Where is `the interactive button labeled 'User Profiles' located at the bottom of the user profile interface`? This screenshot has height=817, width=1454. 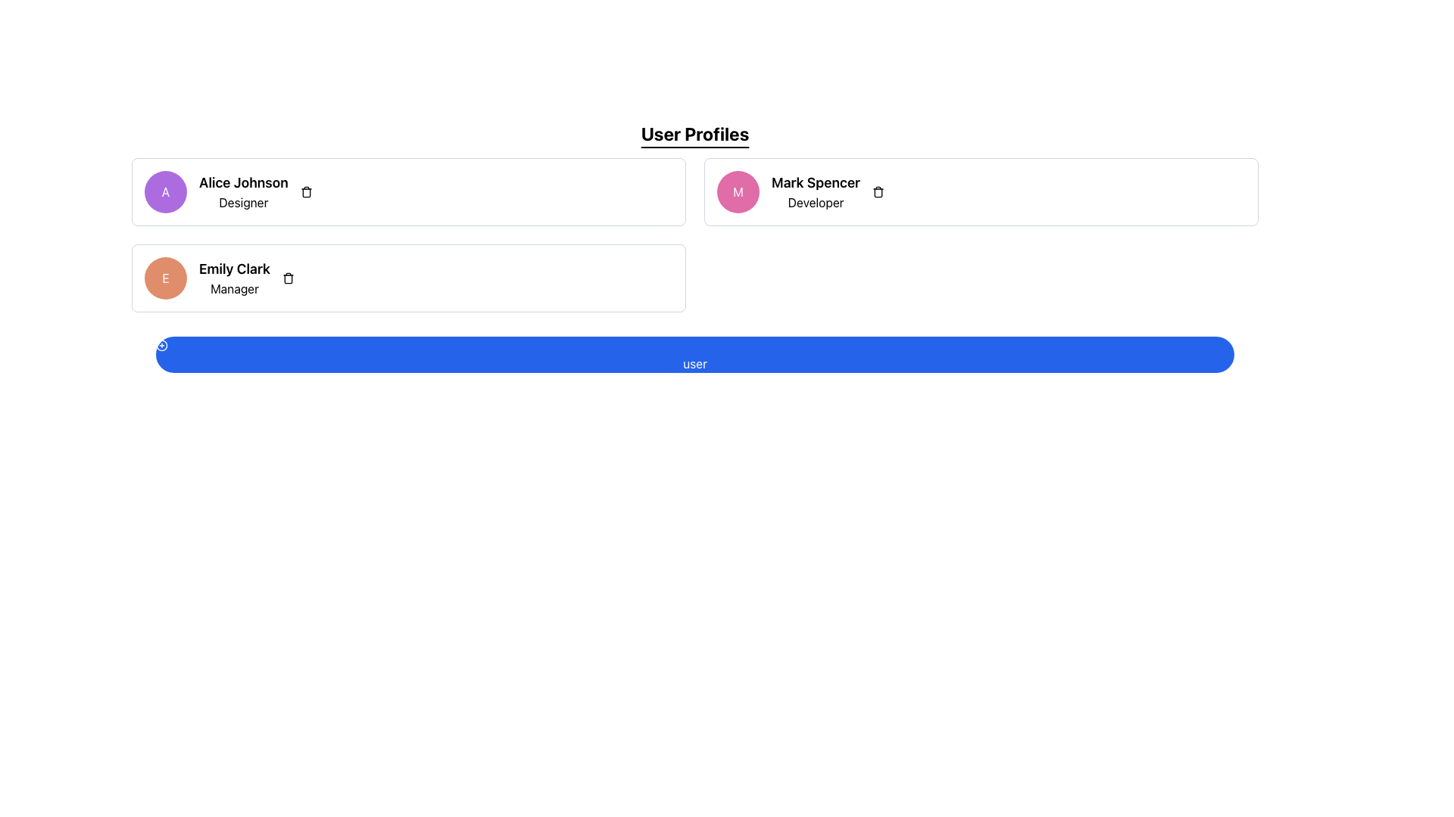 the interactive button labeled 'User Profiles' located at the bottom of the user profile interface is located at coordinates (694, 355).